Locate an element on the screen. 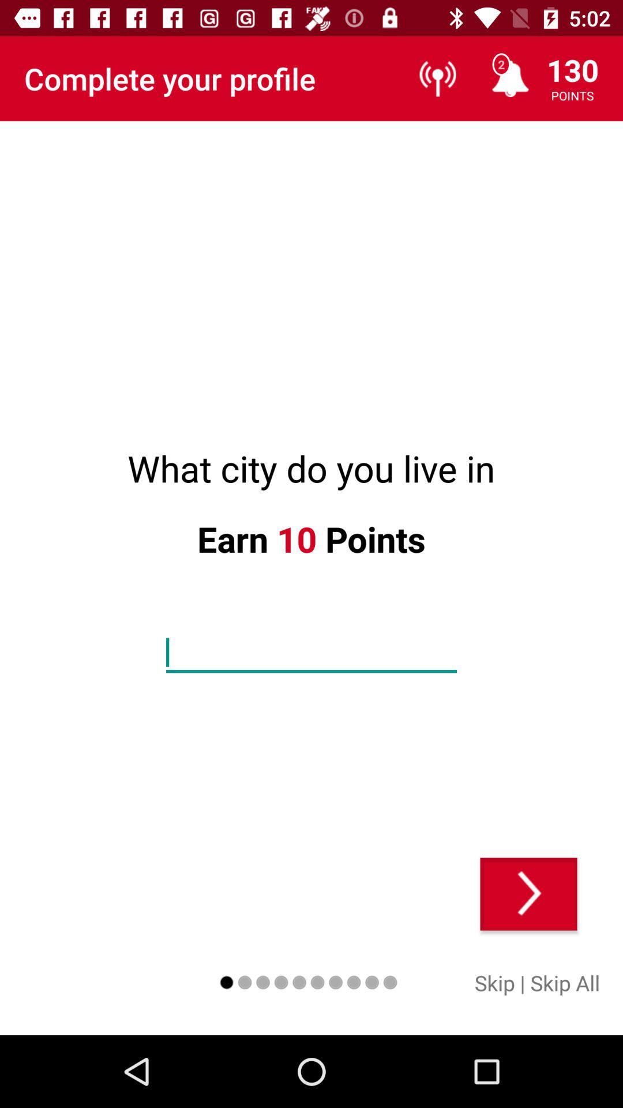 The width and height of the screenshot is (623, 1108). city field is located at coordinates (311, 653).